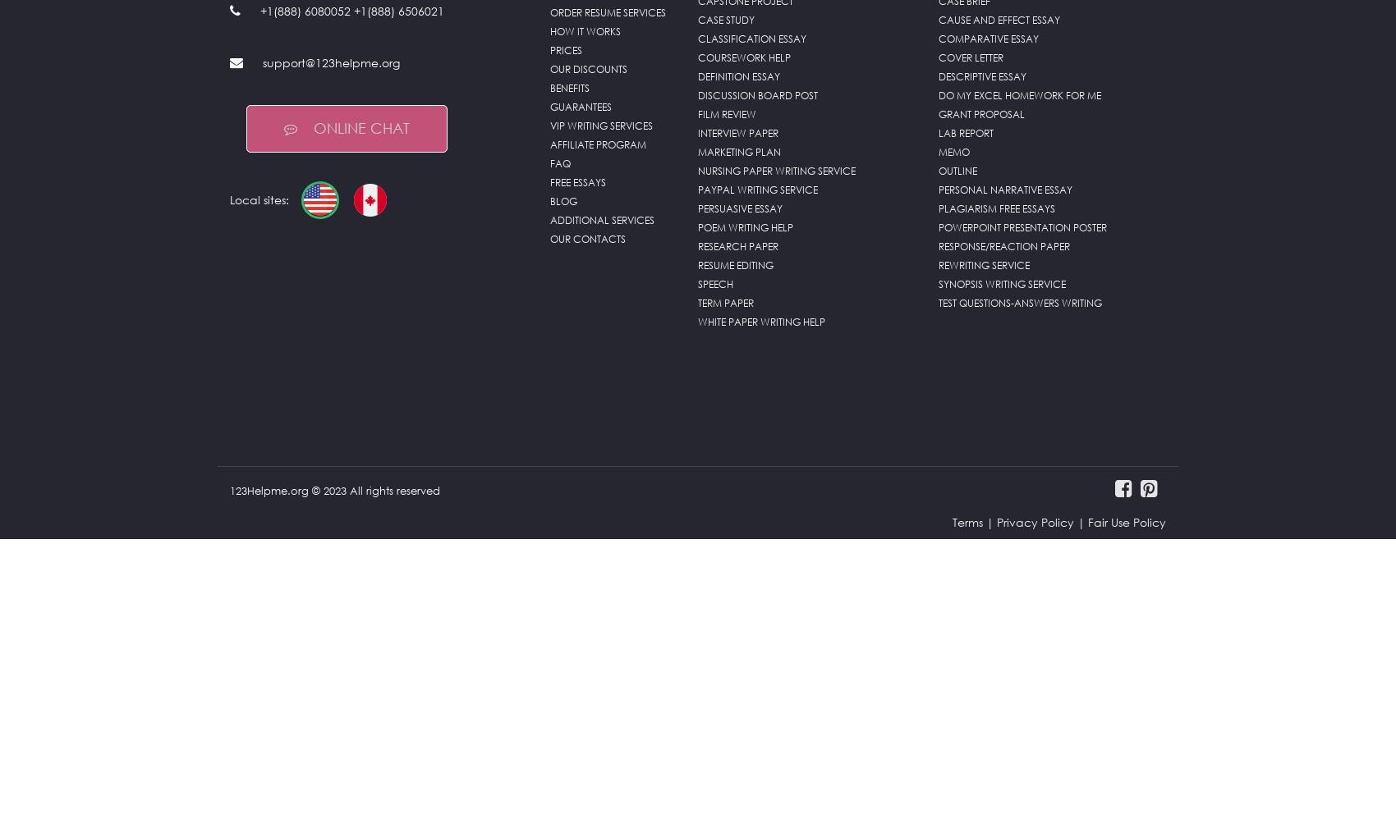  What do you see at coordinates (757, 95) in the screenshot?
I see `'Discussion Board Post'` at bounding box center [757, 95].